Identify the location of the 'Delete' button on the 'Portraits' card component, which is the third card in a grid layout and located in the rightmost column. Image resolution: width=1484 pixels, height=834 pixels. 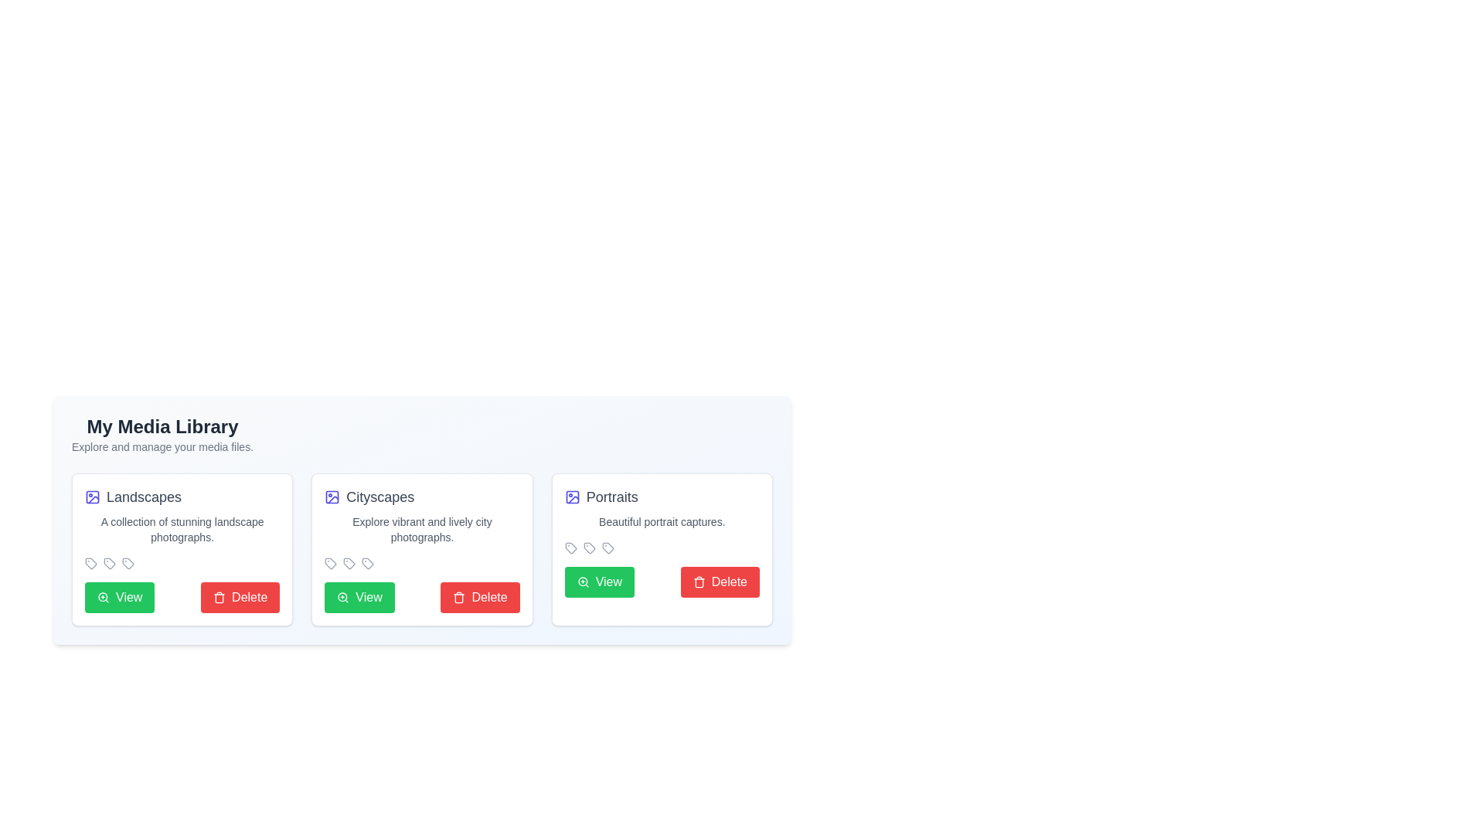
(662, 549).